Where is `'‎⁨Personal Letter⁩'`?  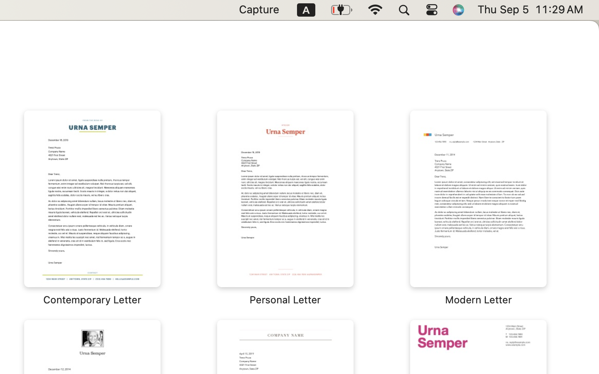
'‎⁨Personal Letter⁩' is located at coordinates (285, 208).